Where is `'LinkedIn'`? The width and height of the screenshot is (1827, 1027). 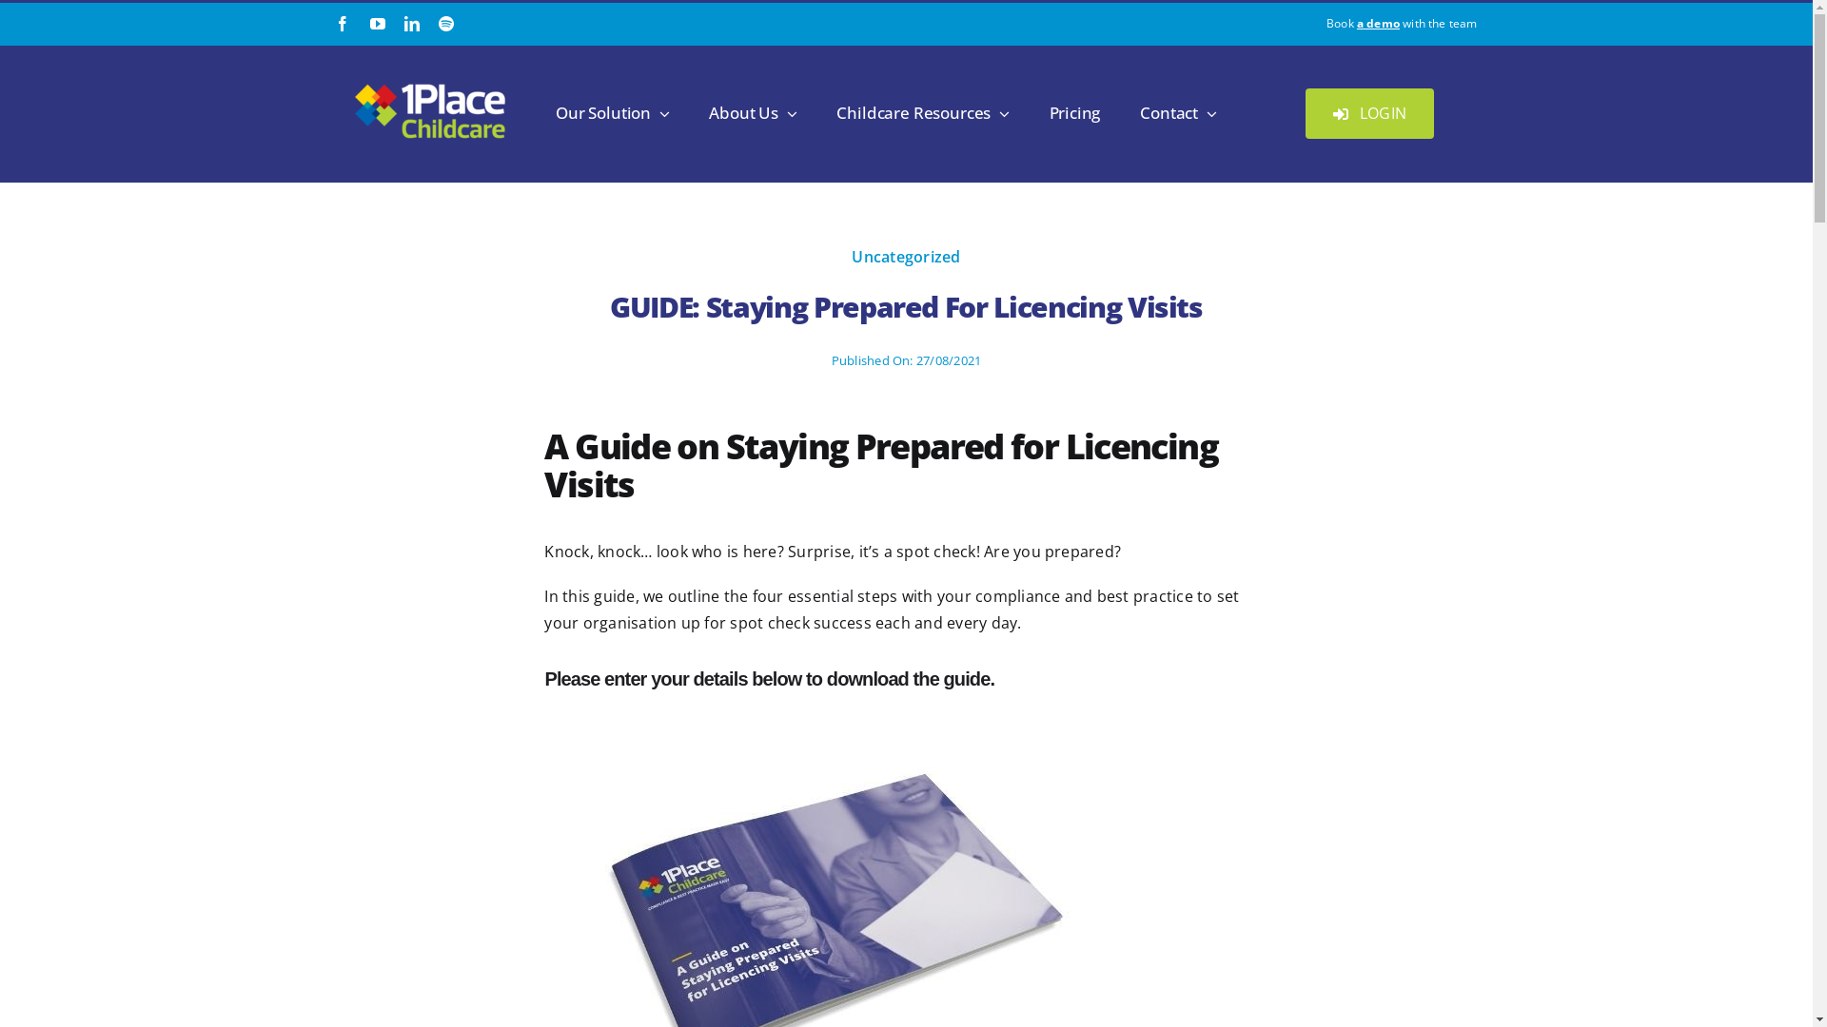 'LinkedIn' is located at coordinates (410, 23).